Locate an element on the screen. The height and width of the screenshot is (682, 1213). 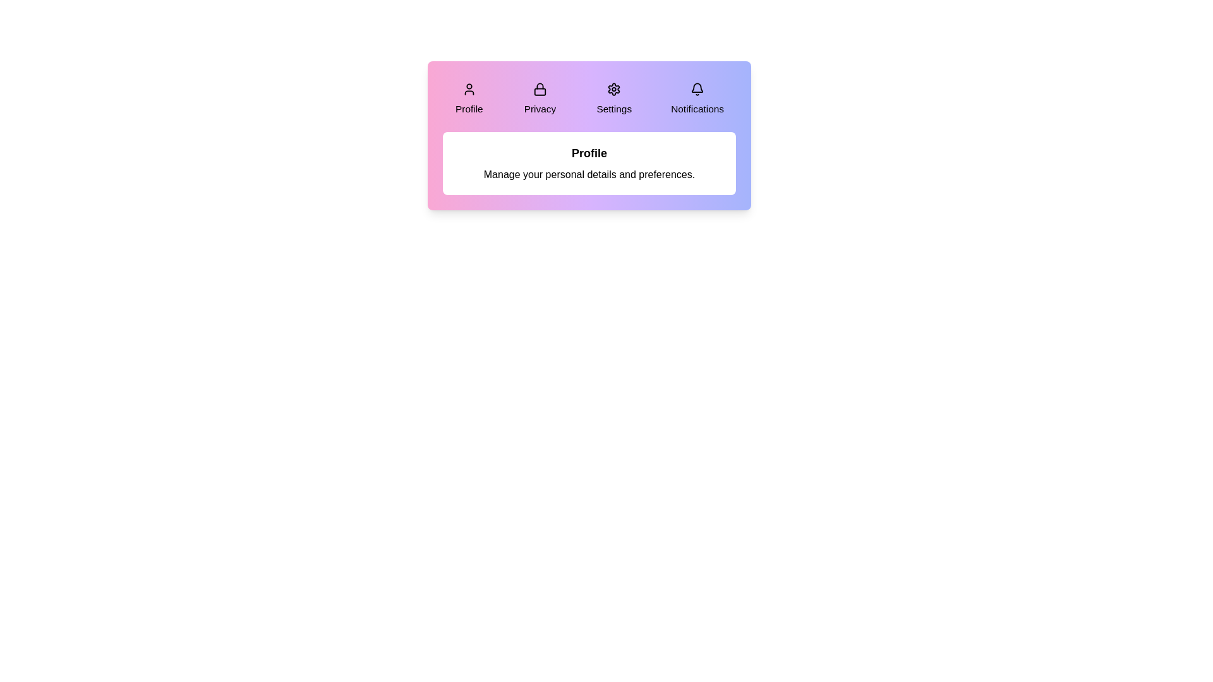
the Profile tab by clicking on it is located at coordinates (469, 99).